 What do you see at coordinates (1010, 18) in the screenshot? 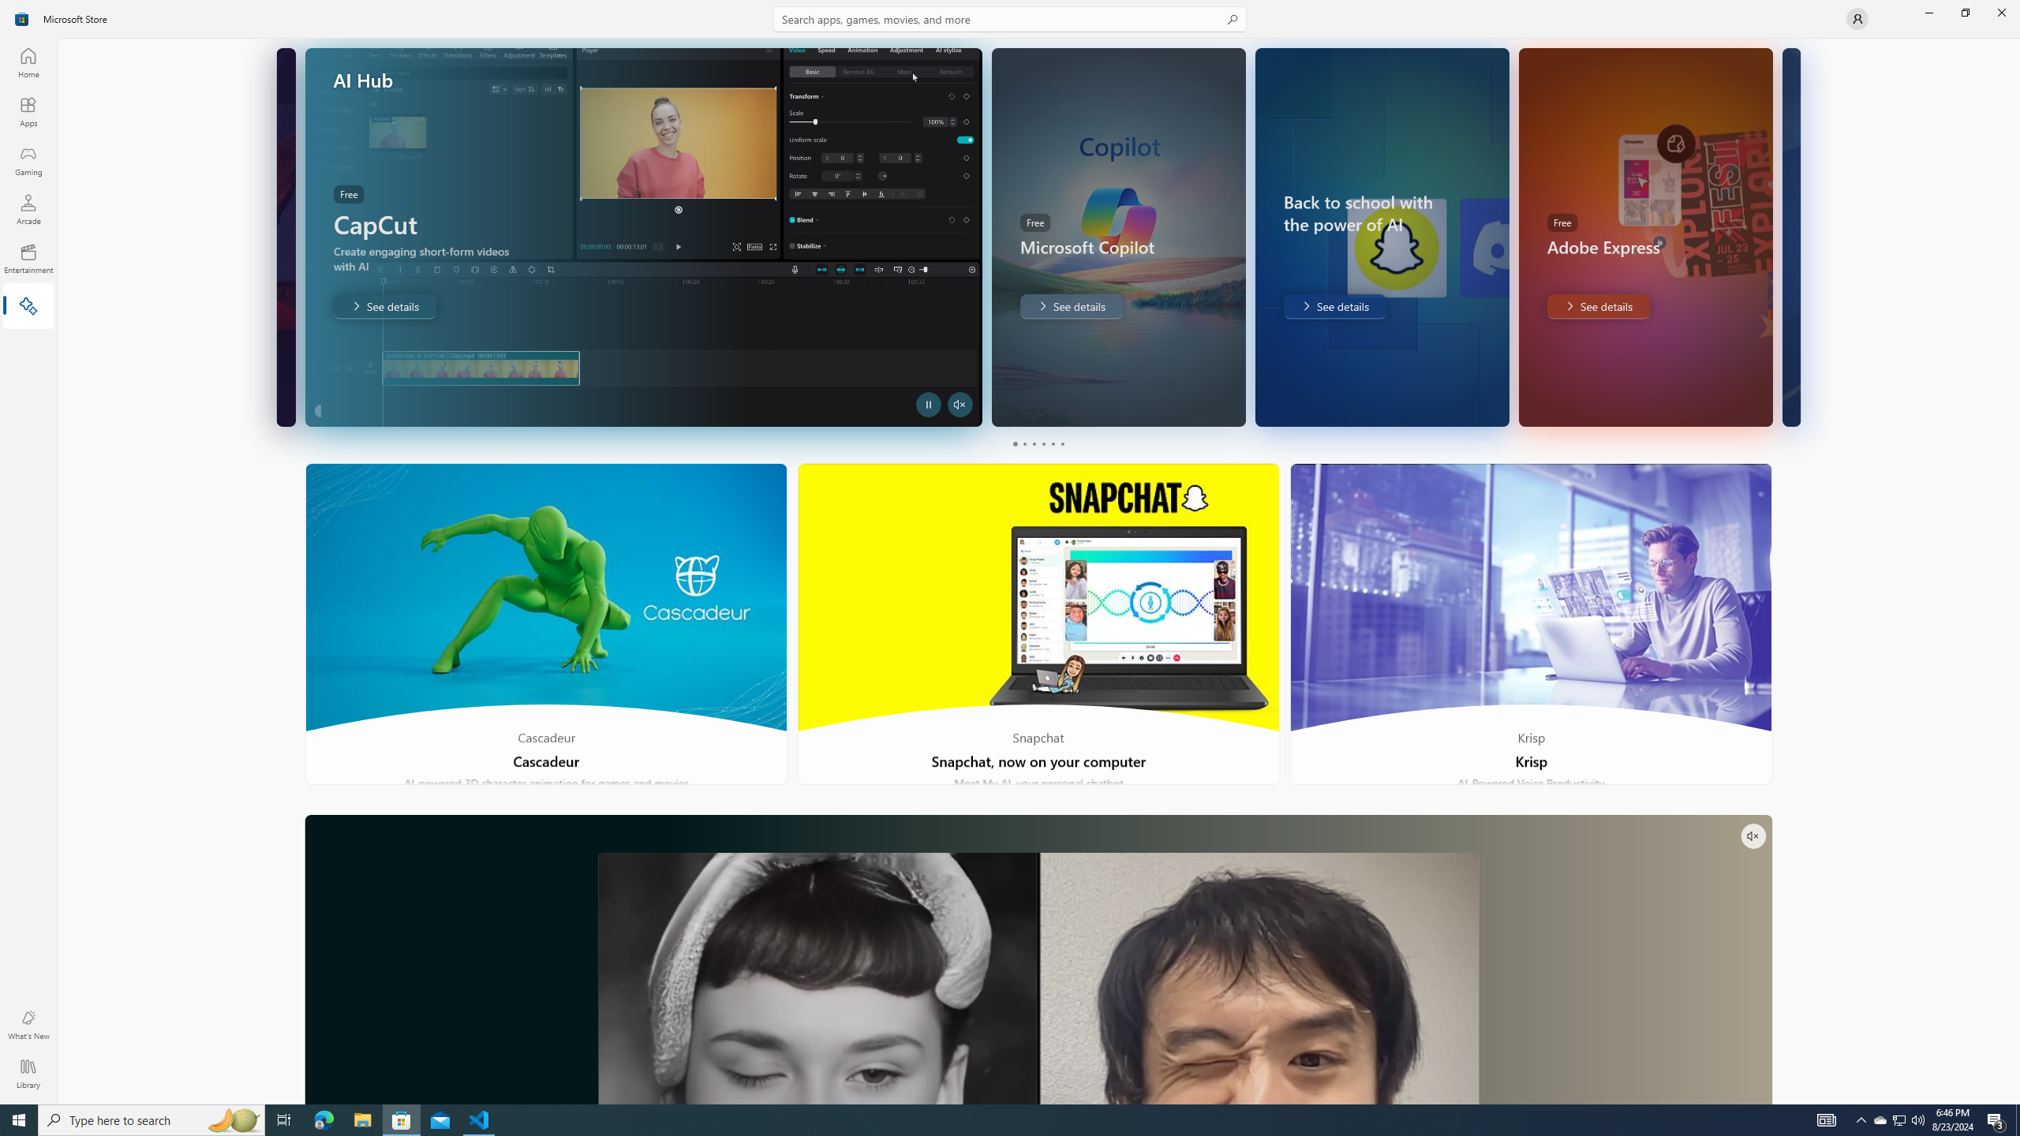
I see `'Search'` at bounding box center [1010, 18].